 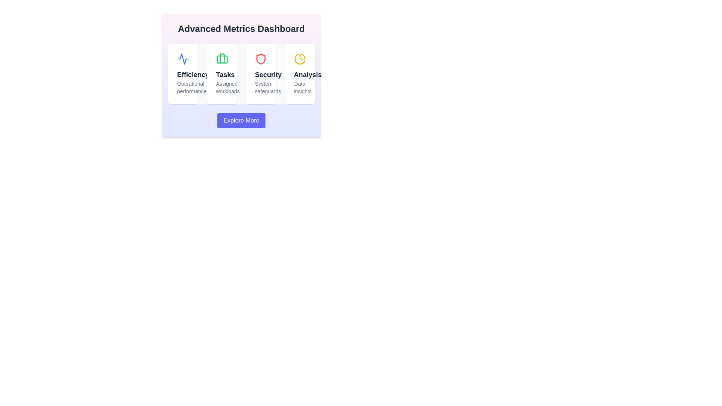 What do you see at coordinates (183, 87) in the screenshot?
I see `the text label that elaborates on the main title 'Efficiency', located below the bold title within a white card with rounded corners` at bounding box center [183, 87].